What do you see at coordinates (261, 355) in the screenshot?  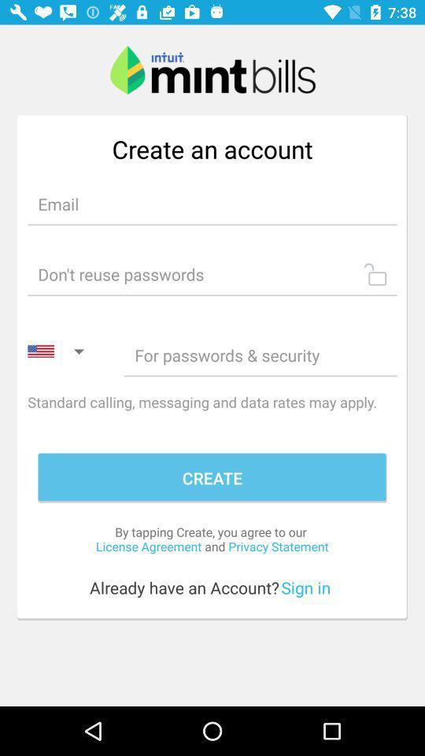 I see `enter number` at bounding box center [261, 355].